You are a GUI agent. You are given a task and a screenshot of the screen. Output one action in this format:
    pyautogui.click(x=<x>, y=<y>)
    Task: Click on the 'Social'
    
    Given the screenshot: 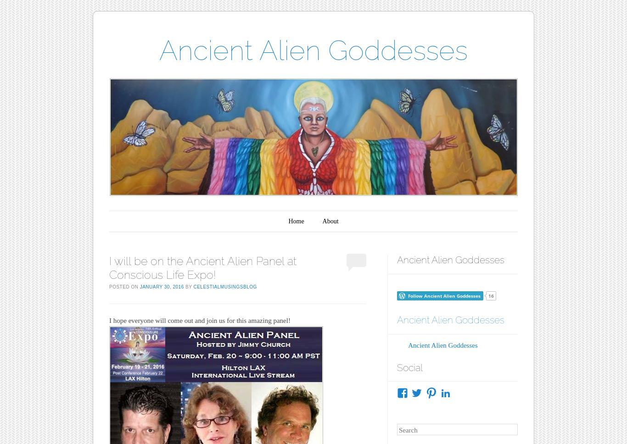 What is the action you would take?
    pyautogui.click(x=409, y=366)
    